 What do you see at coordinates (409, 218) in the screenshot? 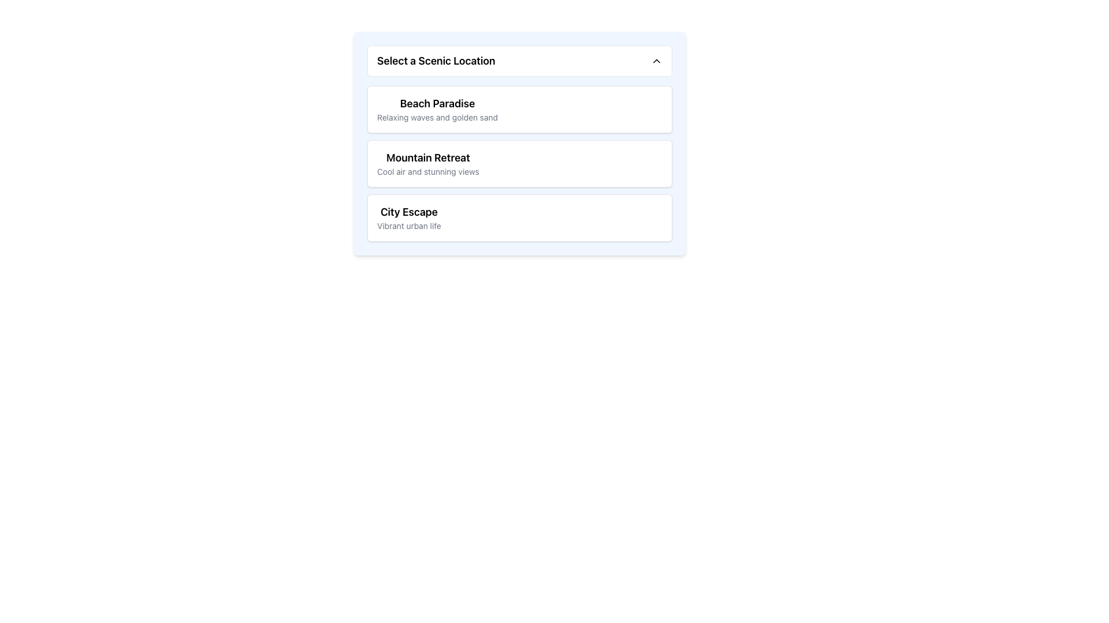
I see `the 'City Escape' text block` at bounding box center [409, 218].